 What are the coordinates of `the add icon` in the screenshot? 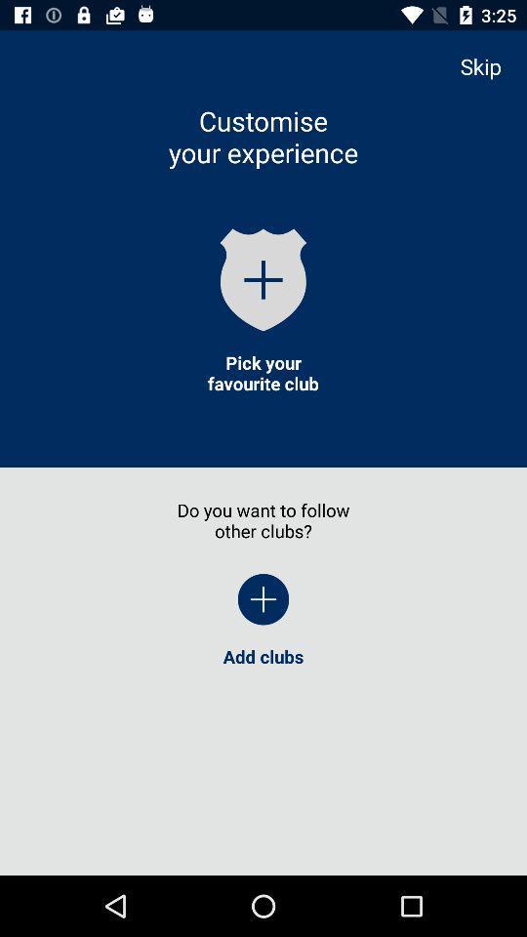 It's located at (263, 278).